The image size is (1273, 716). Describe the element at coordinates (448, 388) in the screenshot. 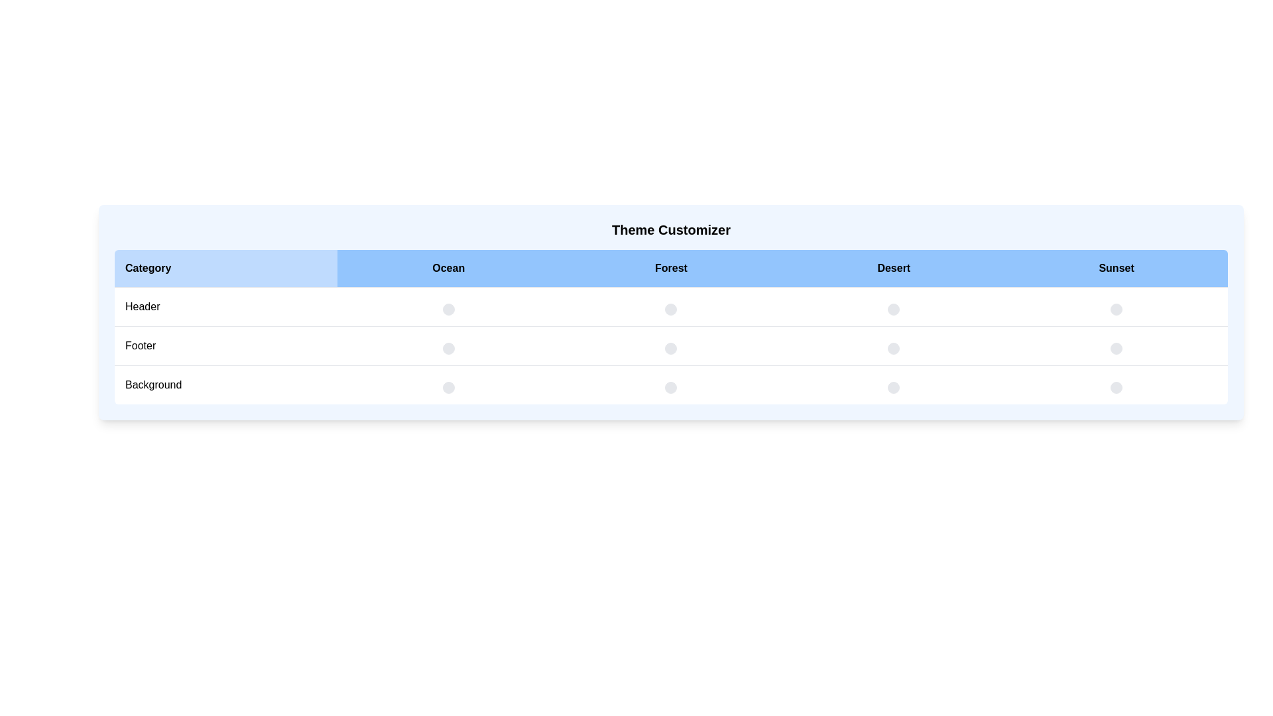

I see `the radio button or toggle selector for the 'Ocean' option in the 'Background' category` at that location.